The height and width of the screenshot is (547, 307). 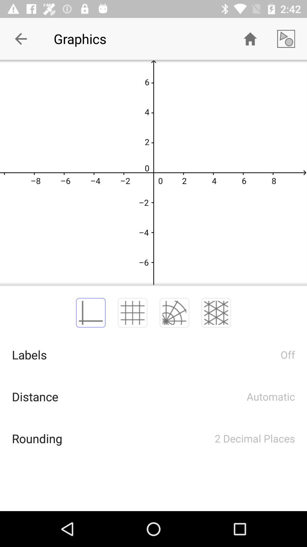 What do you see at coordinates (286, 39) in the screenshot?
I see `the right side above corner button` at bounding box center [286, 39].